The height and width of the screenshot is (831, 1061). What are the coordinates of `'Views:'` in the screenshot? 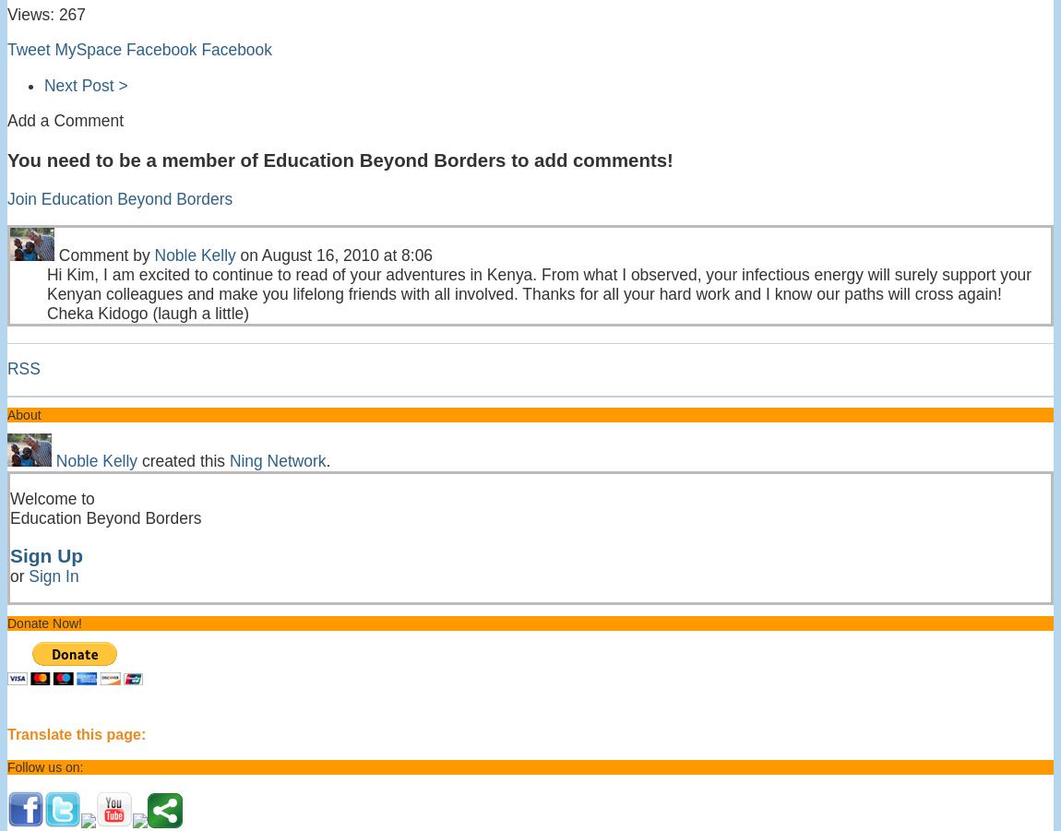 It's located at (30, 12).